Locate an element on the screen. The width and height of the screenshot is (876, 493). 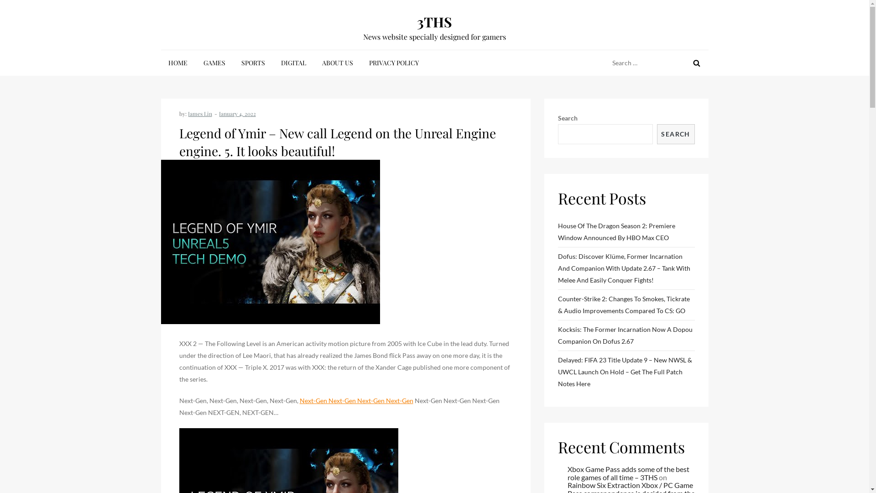
'GAMES' is located at coordinates (214, 63).